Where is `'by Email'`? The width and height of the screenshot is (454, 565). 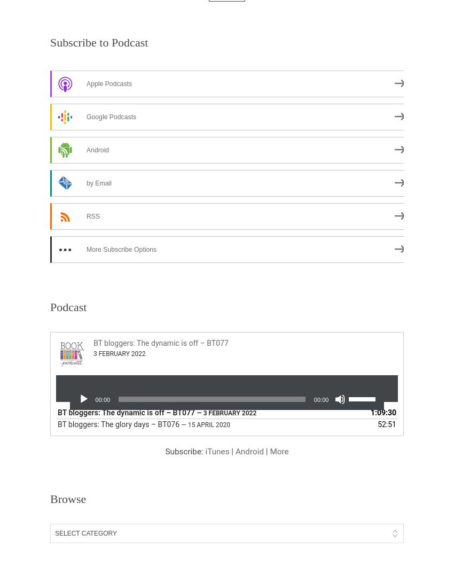
'by Email' is located at coordinates (98, 183).